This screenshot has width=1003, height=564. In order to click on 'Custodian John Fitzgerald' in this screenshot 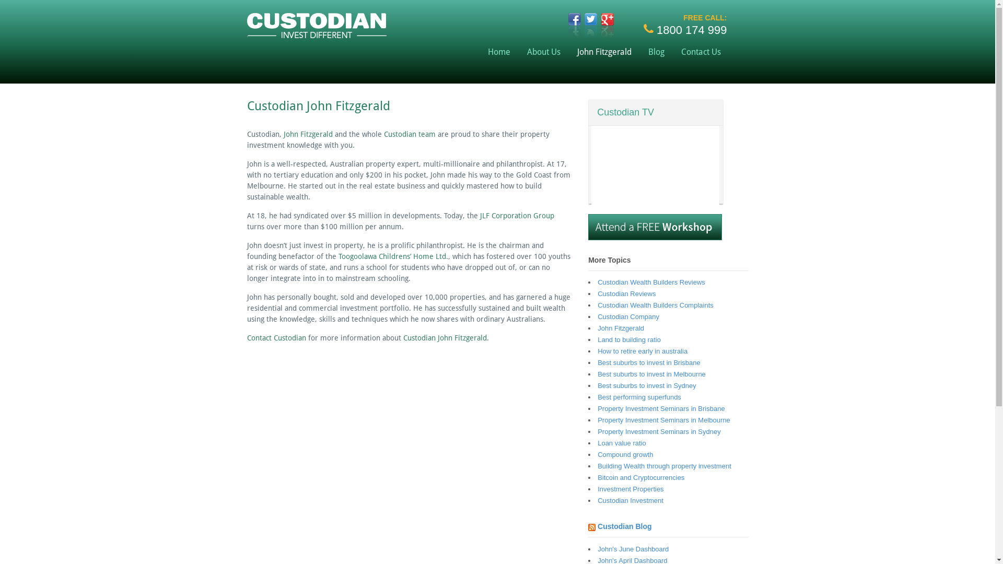, I will do `click(445, 338)`.